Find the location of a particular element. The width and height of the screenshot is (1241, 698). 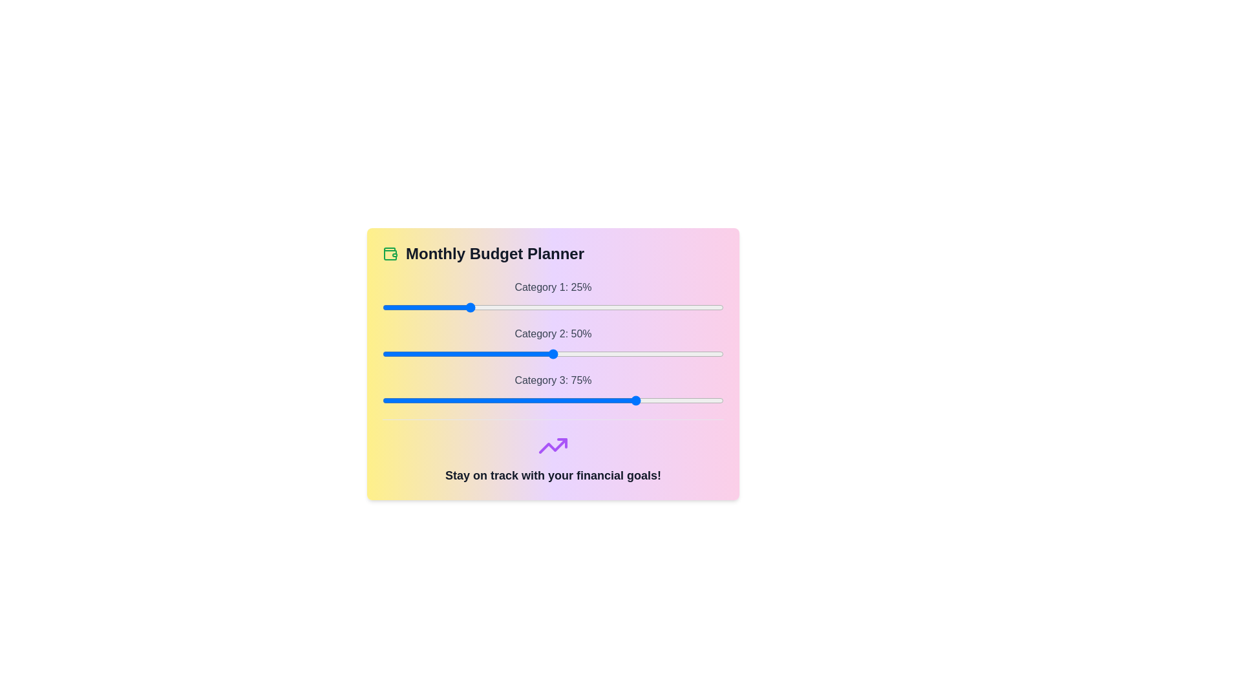

the slider for Category 2 to 5% is located at coordinates (399, 354).